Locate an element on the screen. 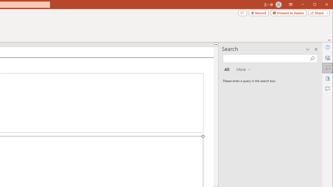  'Collapse the Ribbon' is located at coordinates (329, 40).